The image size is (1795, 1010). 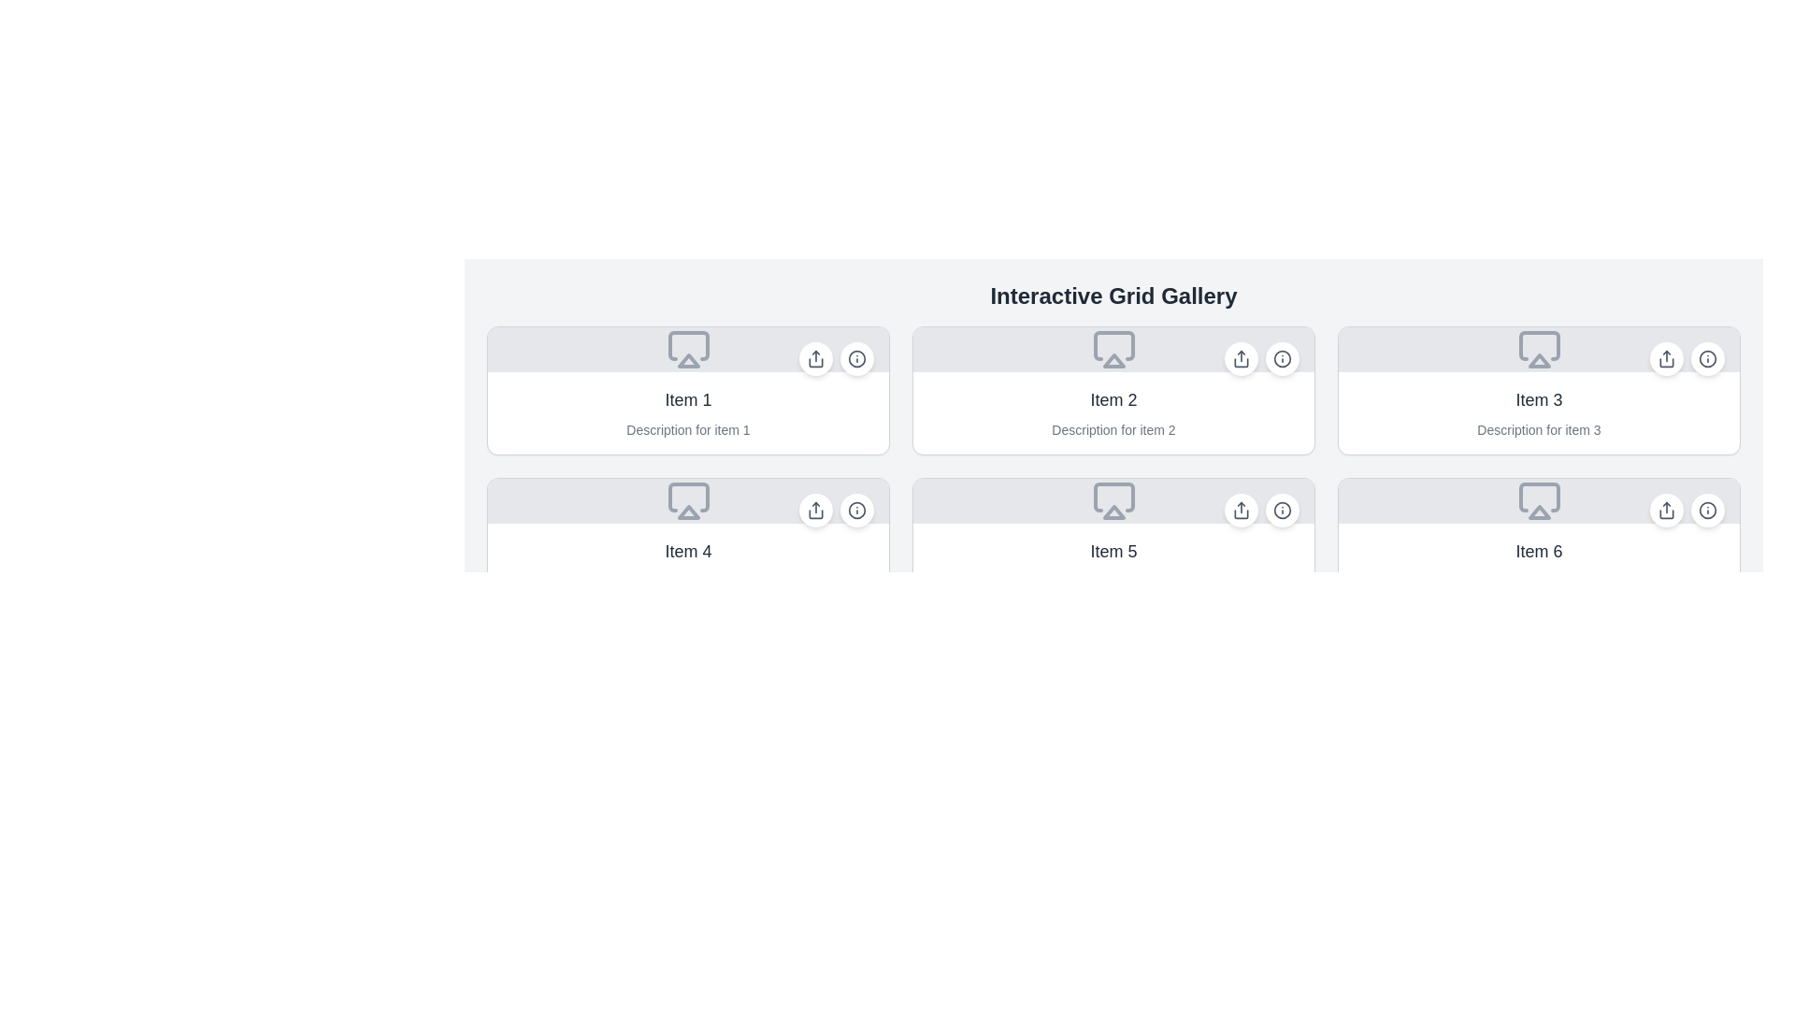 I want to click on the circular informational icon with a thin line art design, located to the right of the title 'Item 2' in the second card of the interactive grid, so click(x=1282, y=359).